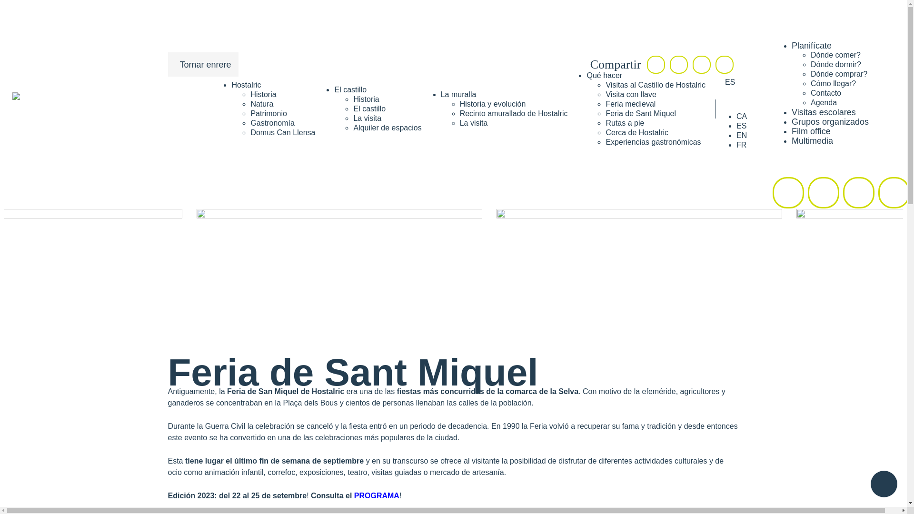 The width and height of the screenshot is (914, 514). I want to click on 'La visita', so click(474, 122).